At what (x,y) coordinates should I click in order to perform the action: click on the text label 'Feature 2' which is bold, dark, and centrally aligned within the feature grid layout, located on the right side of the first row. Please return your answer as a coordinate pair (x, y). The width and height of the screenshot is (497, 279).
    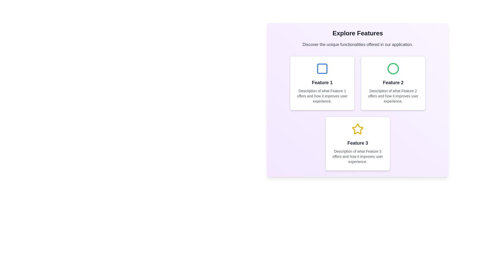
    Looking at the image, I should click on (393, 82).